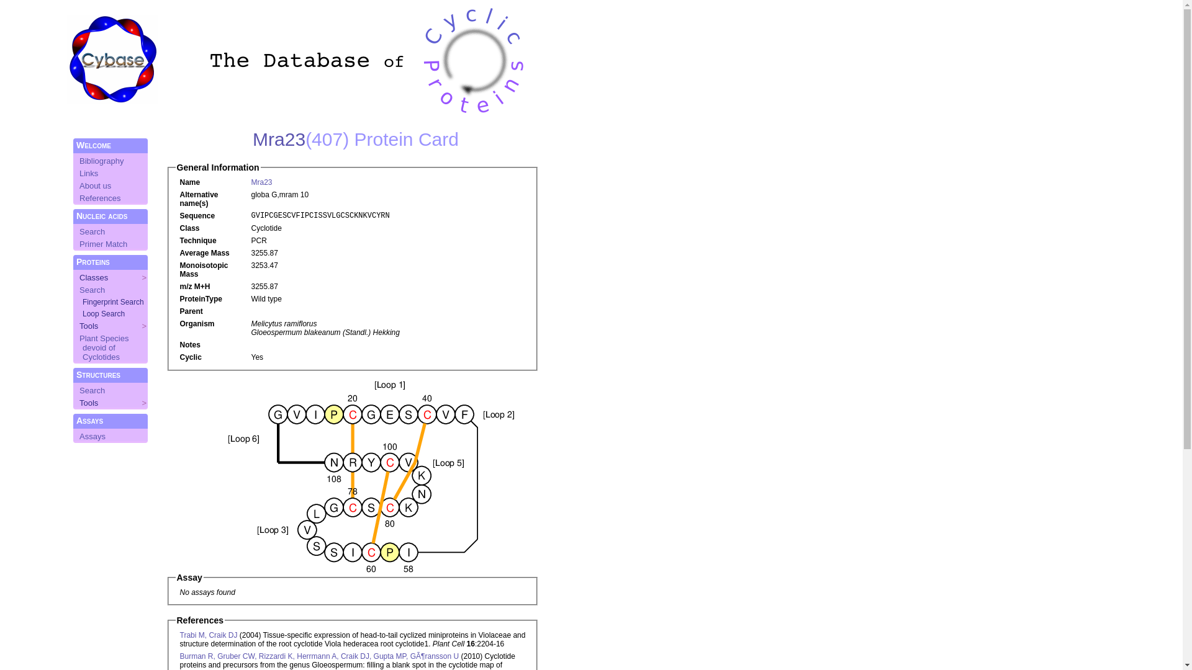  I want to click on 'Search', so click(91, 390).